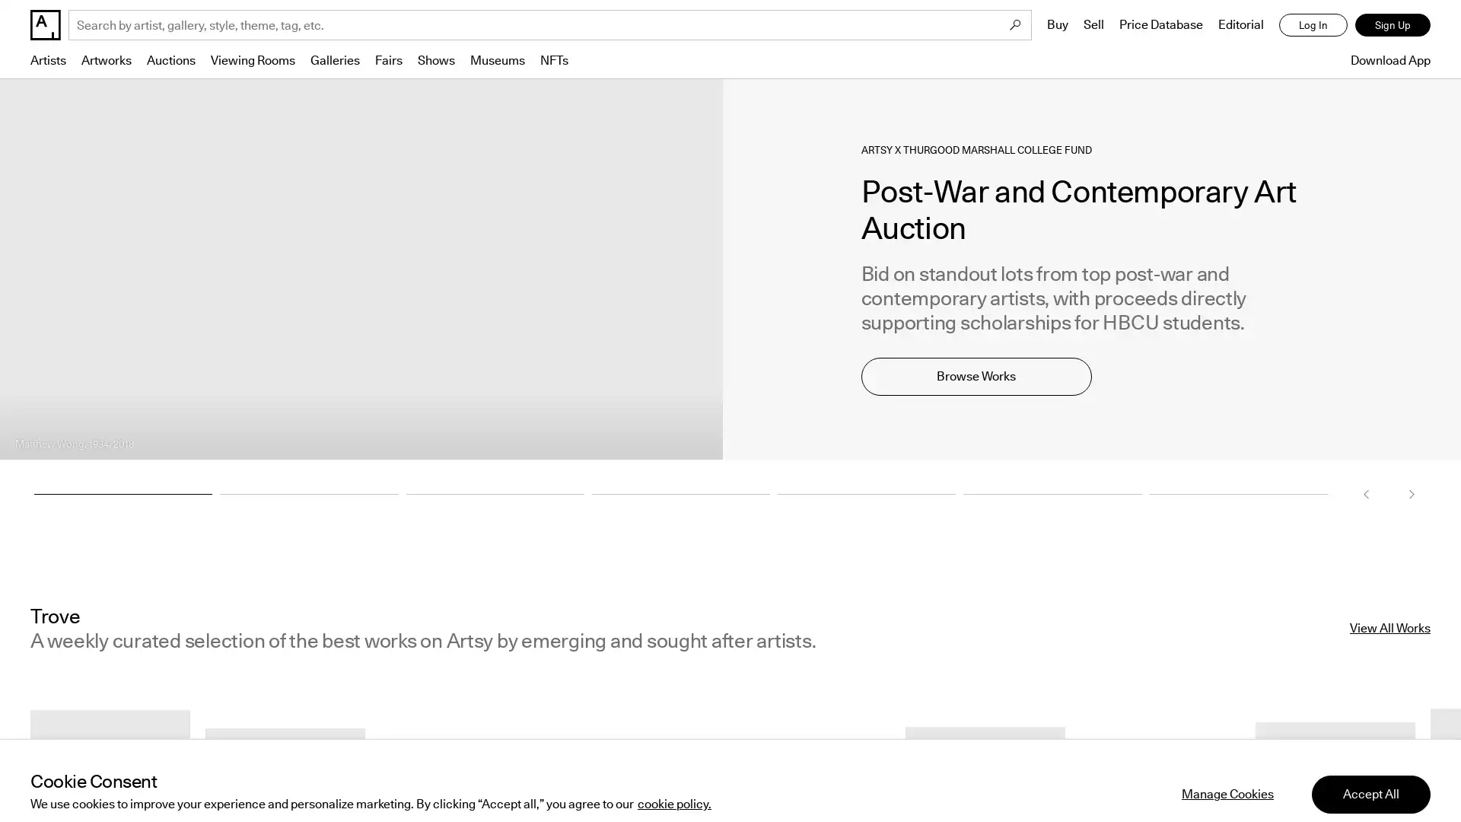 This screenshot has height=822, width=1461. What do you see at coordinates (1370, 772) in the screenshot?
I see `Accept All` at bounding box center [1370, 772].